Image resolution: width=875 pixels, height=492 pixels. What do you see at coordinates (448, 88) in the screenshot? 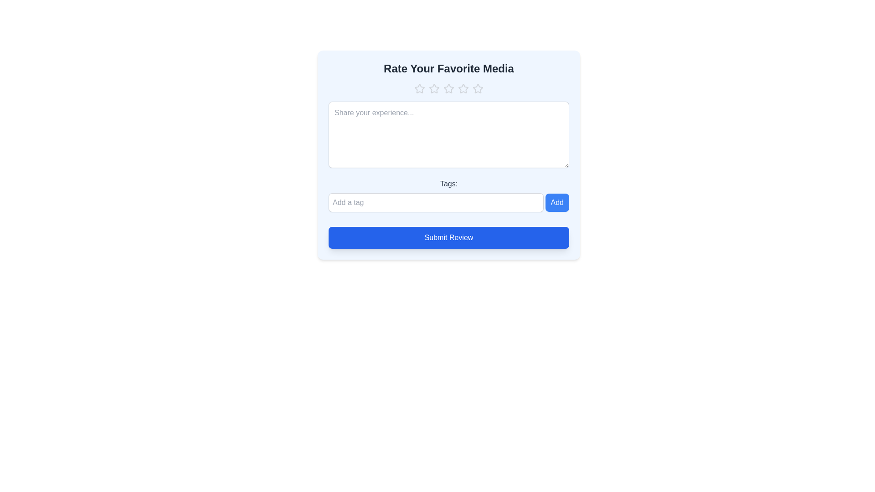
I see `the star icon` at bounding box center [448, 88].